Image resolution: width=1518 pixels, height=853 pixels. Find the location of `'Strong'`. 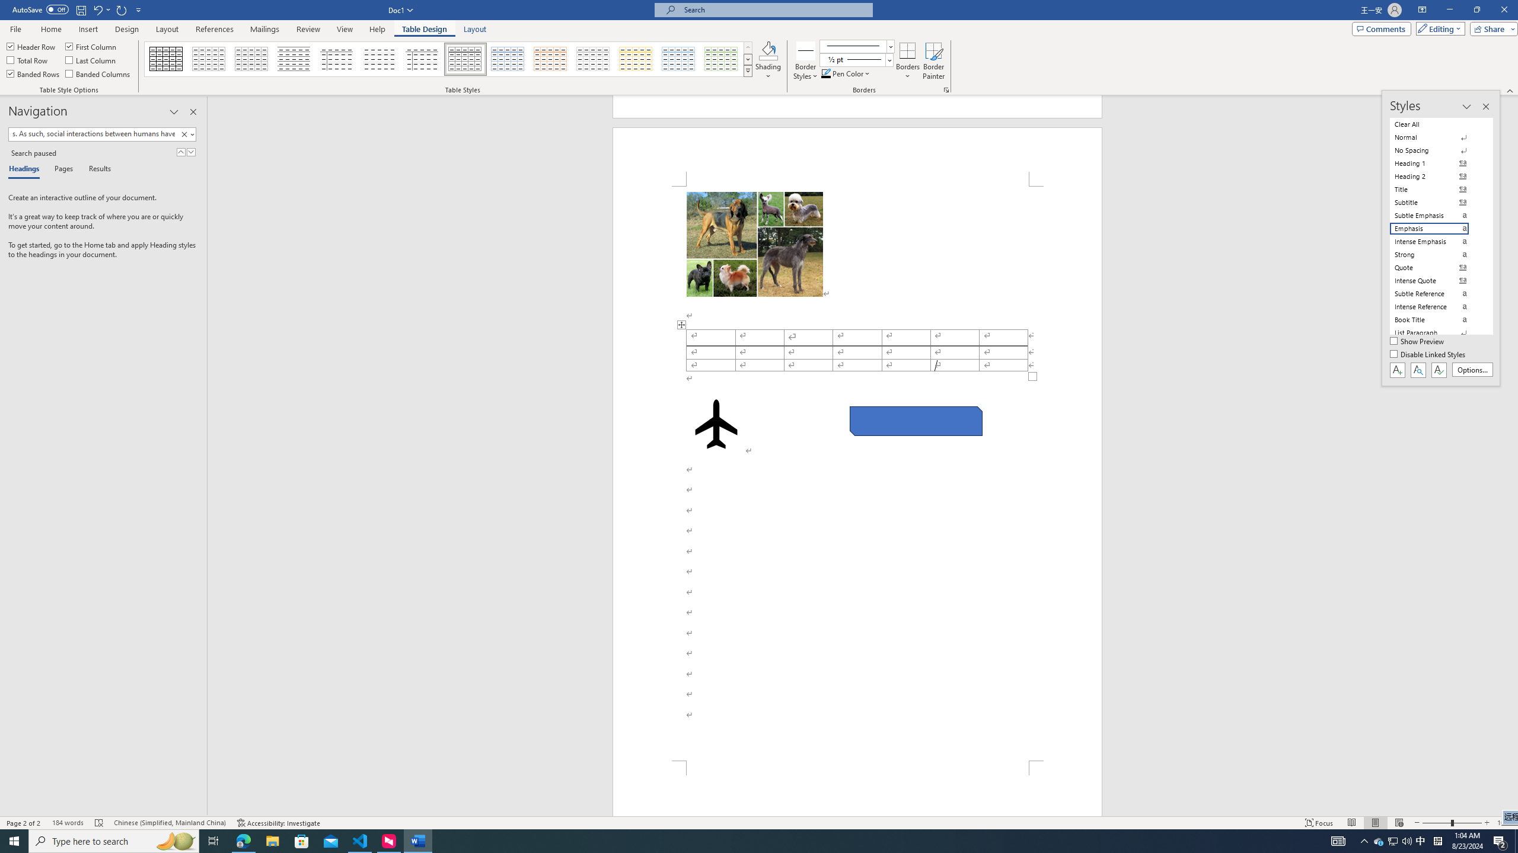

'Strong' is located at coordinates (1436, 254).